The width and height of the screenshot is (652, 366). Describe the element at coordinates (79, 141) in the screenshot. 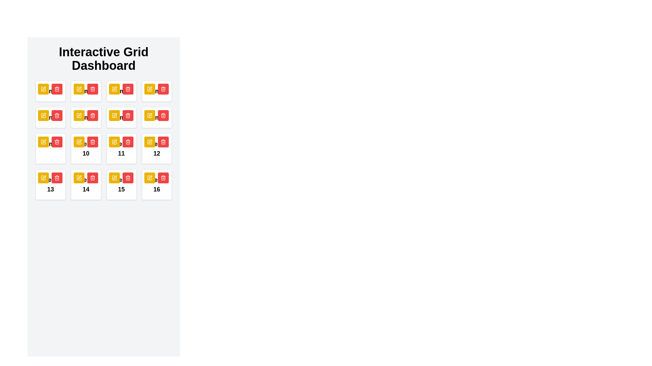

I see `the yellow pen icon located in the second row of controls in card number '10', positioned to the far left of the row, for keyboard navigation` at that location.